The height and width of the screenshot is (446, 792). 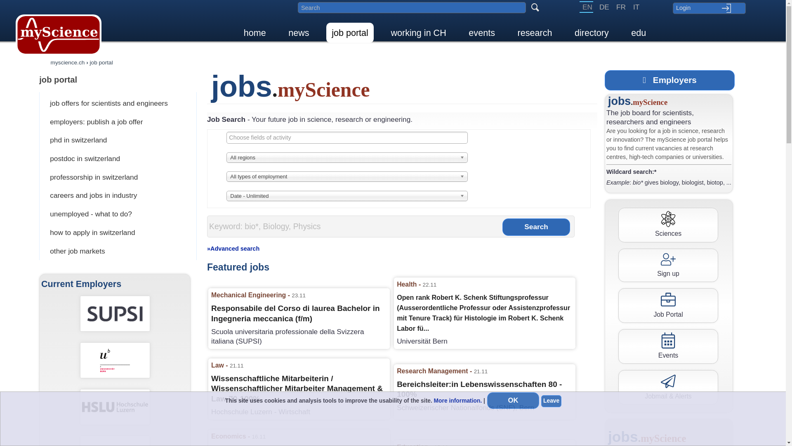 What do you see at coordinates (118, 177) in the screenshot?
I see `'professorship in switzerland'` at bounding box center [118, 177].